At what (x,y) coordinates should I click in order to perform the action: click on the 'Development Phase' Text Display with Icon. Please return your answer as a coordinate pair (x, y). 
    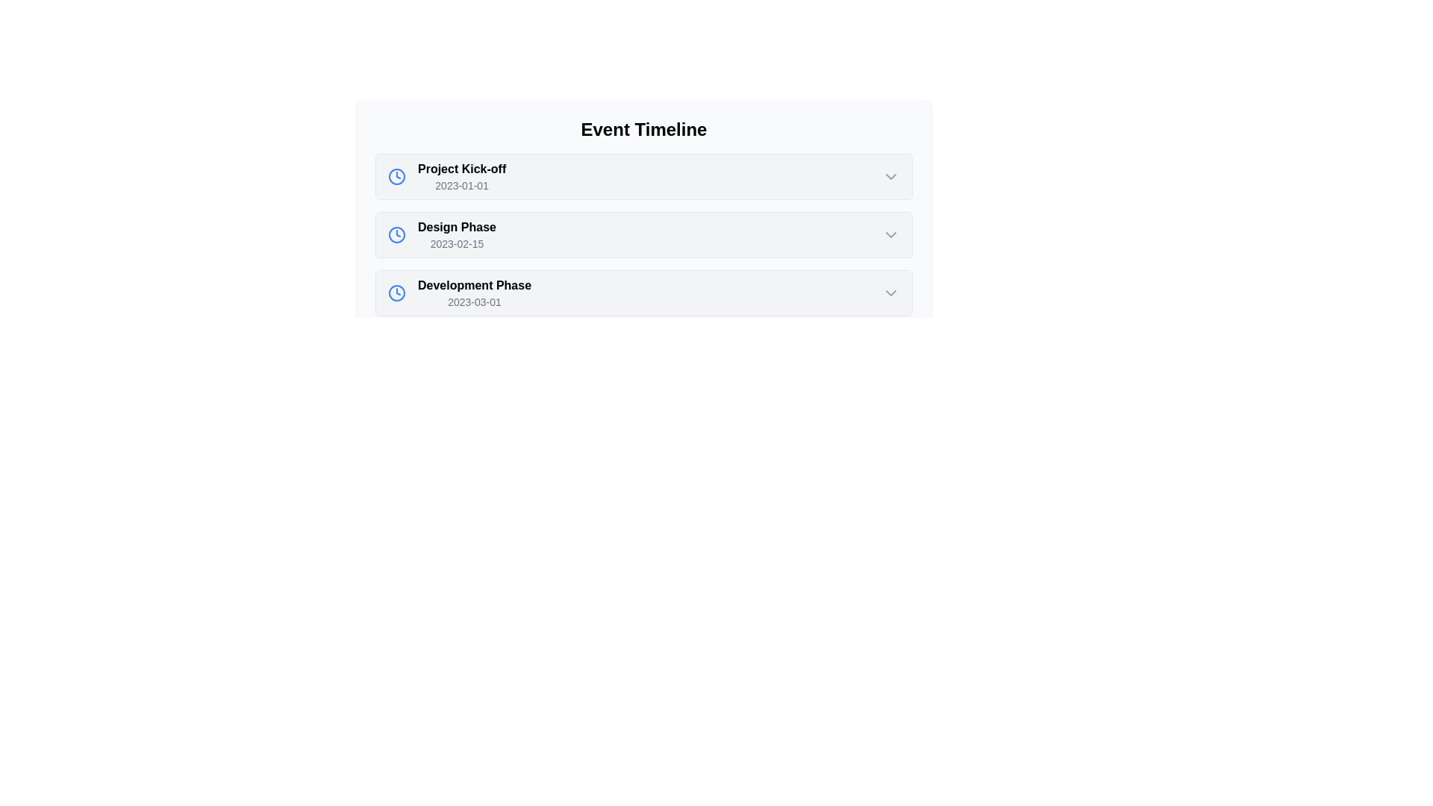
    Looking at the image, I should click on (458, 293).